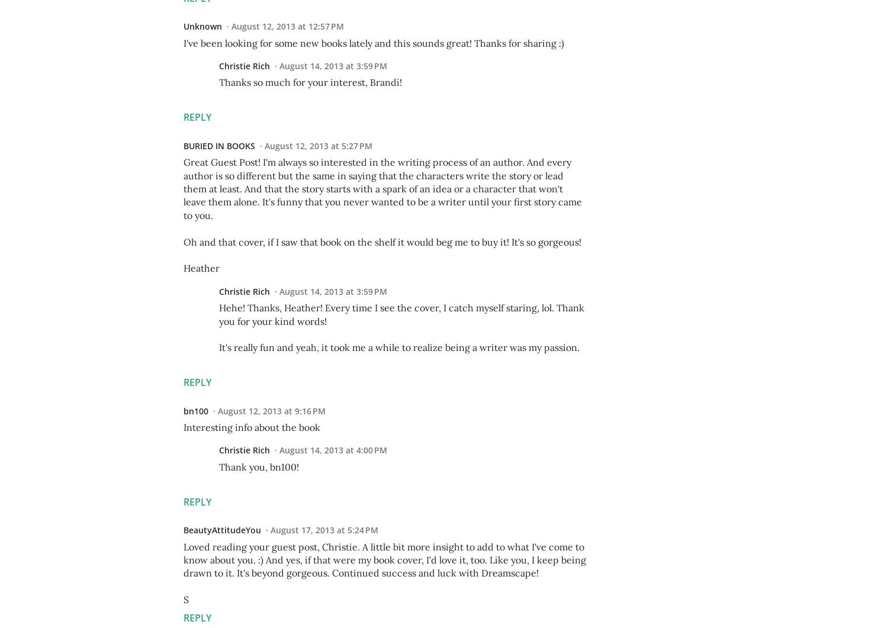 The image size is (888, 628). I want to click on 'Interesting info about the book', so click(252, 427).